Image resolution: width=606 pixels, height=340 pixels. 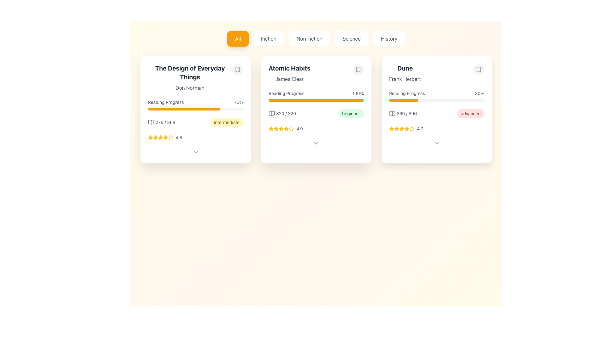 I want to click on the static text label that serves as a context label for the progress bar in the 'Atomic Habits' card interface, which is located in the second column of a three-column grid of book cards, so click(x=286, y=93).